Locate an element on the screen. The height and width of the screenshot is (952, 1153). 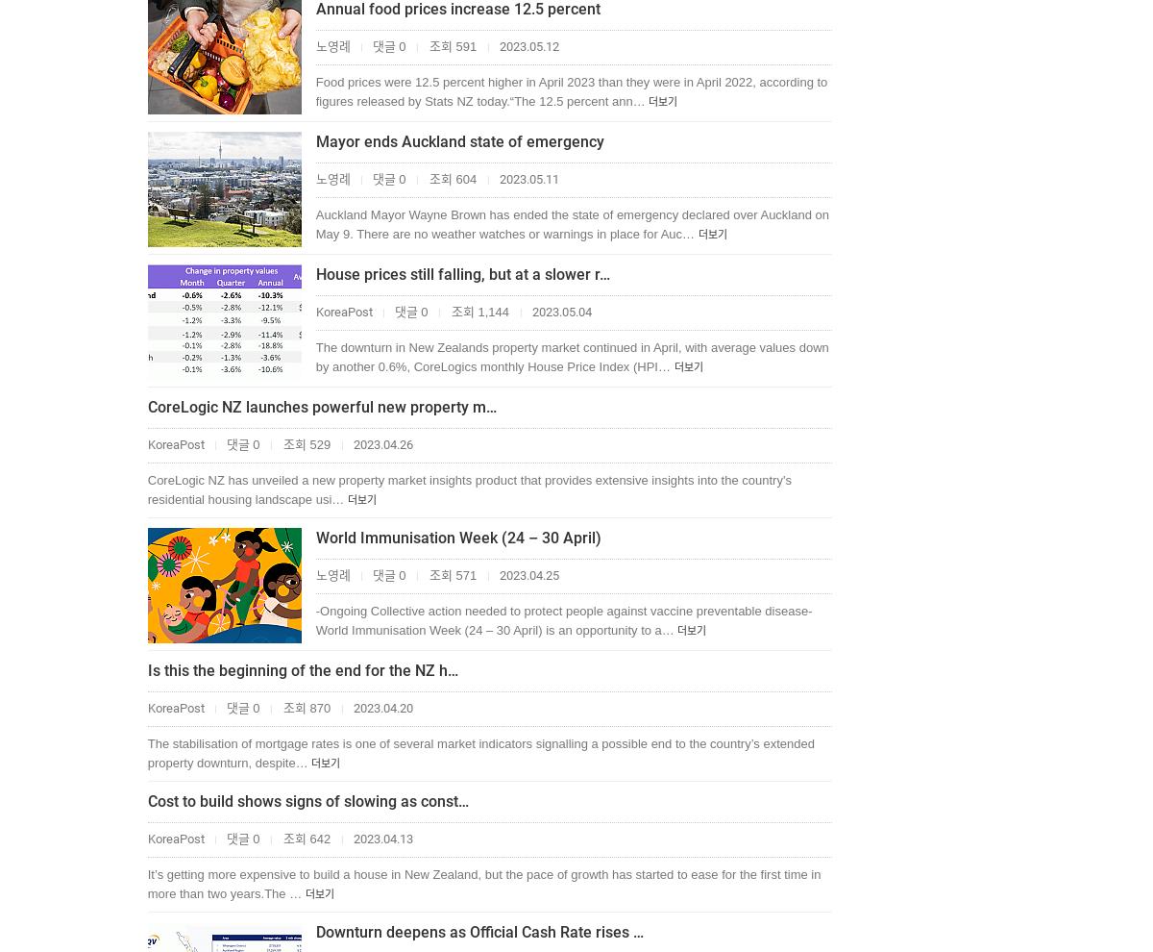
'It’s getting more expensive to build a house in New Zealand, but the pace of growth has started to ease for the first time in more than two years.The …' is located at coordinates (482, 883).